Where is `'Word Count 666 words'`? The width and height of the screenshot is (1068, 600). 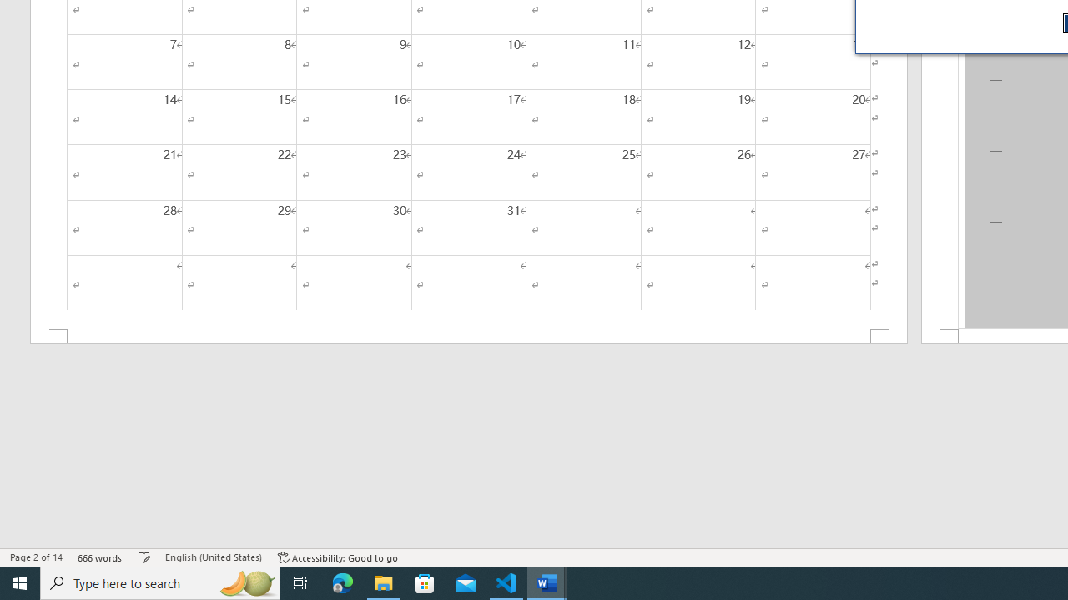 'Word Count 666 words' is located at coordinates (99, 557).